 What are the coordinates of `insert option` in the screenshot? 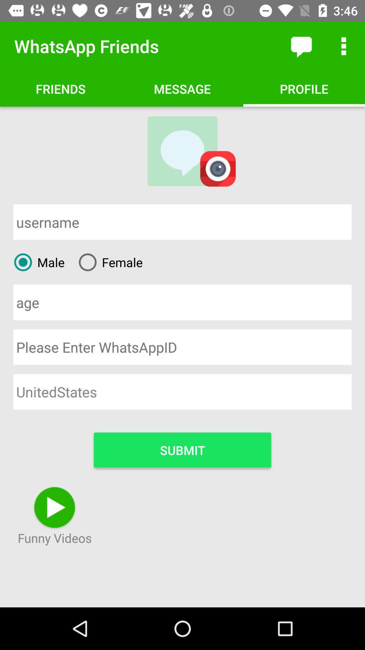 It's located at (182, 302).